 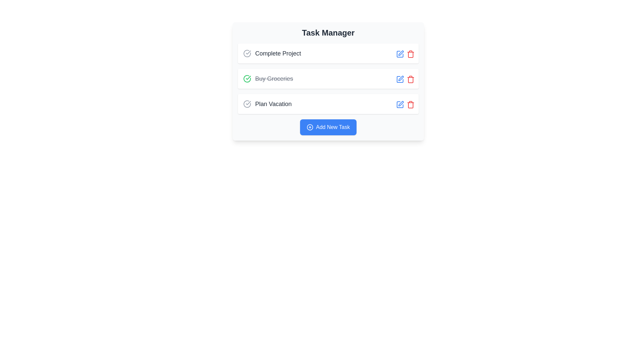 I want to click on the completed task description text label that is styled with a strikethrough and located to the right of a green checkmark icon in the task management system, so click(x=274, y=78).